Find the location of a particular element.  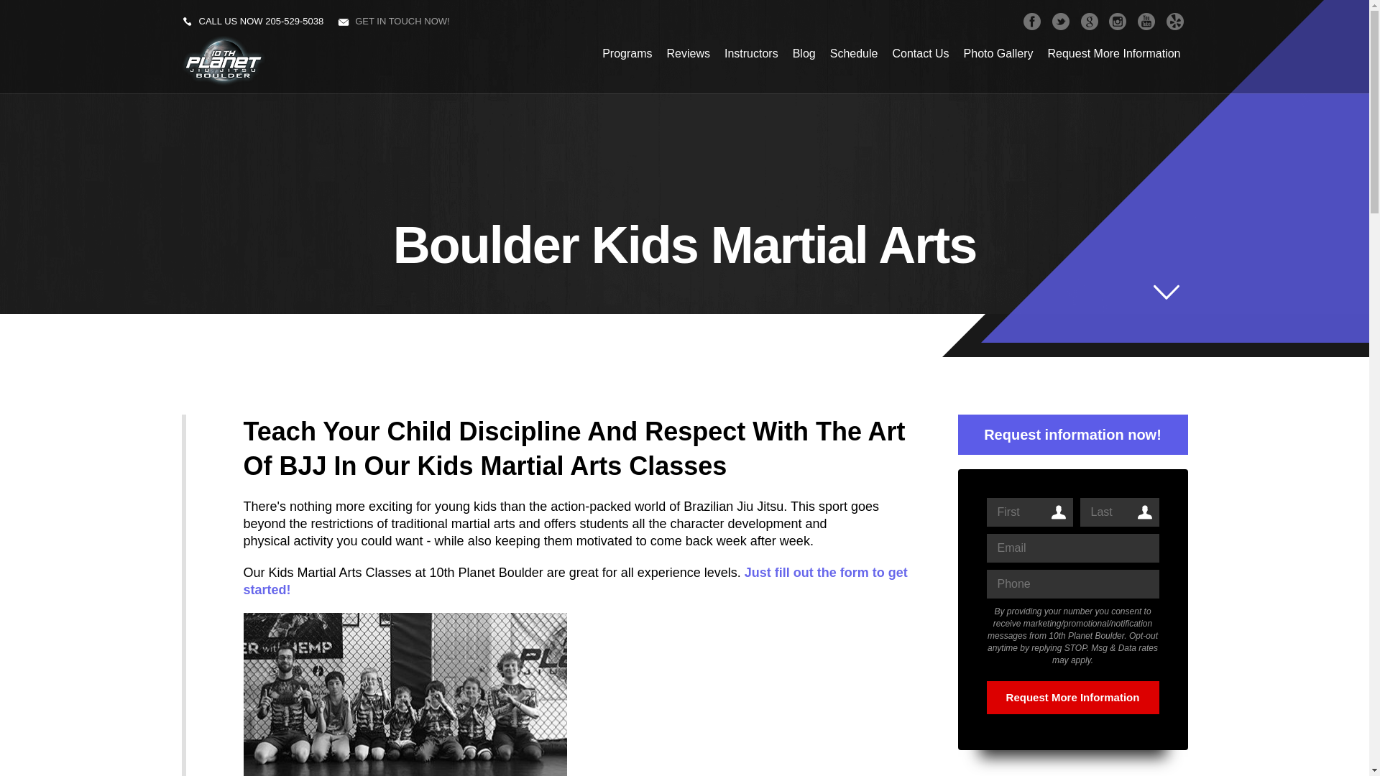

'YELP' is located at coordinates (1174, 22).